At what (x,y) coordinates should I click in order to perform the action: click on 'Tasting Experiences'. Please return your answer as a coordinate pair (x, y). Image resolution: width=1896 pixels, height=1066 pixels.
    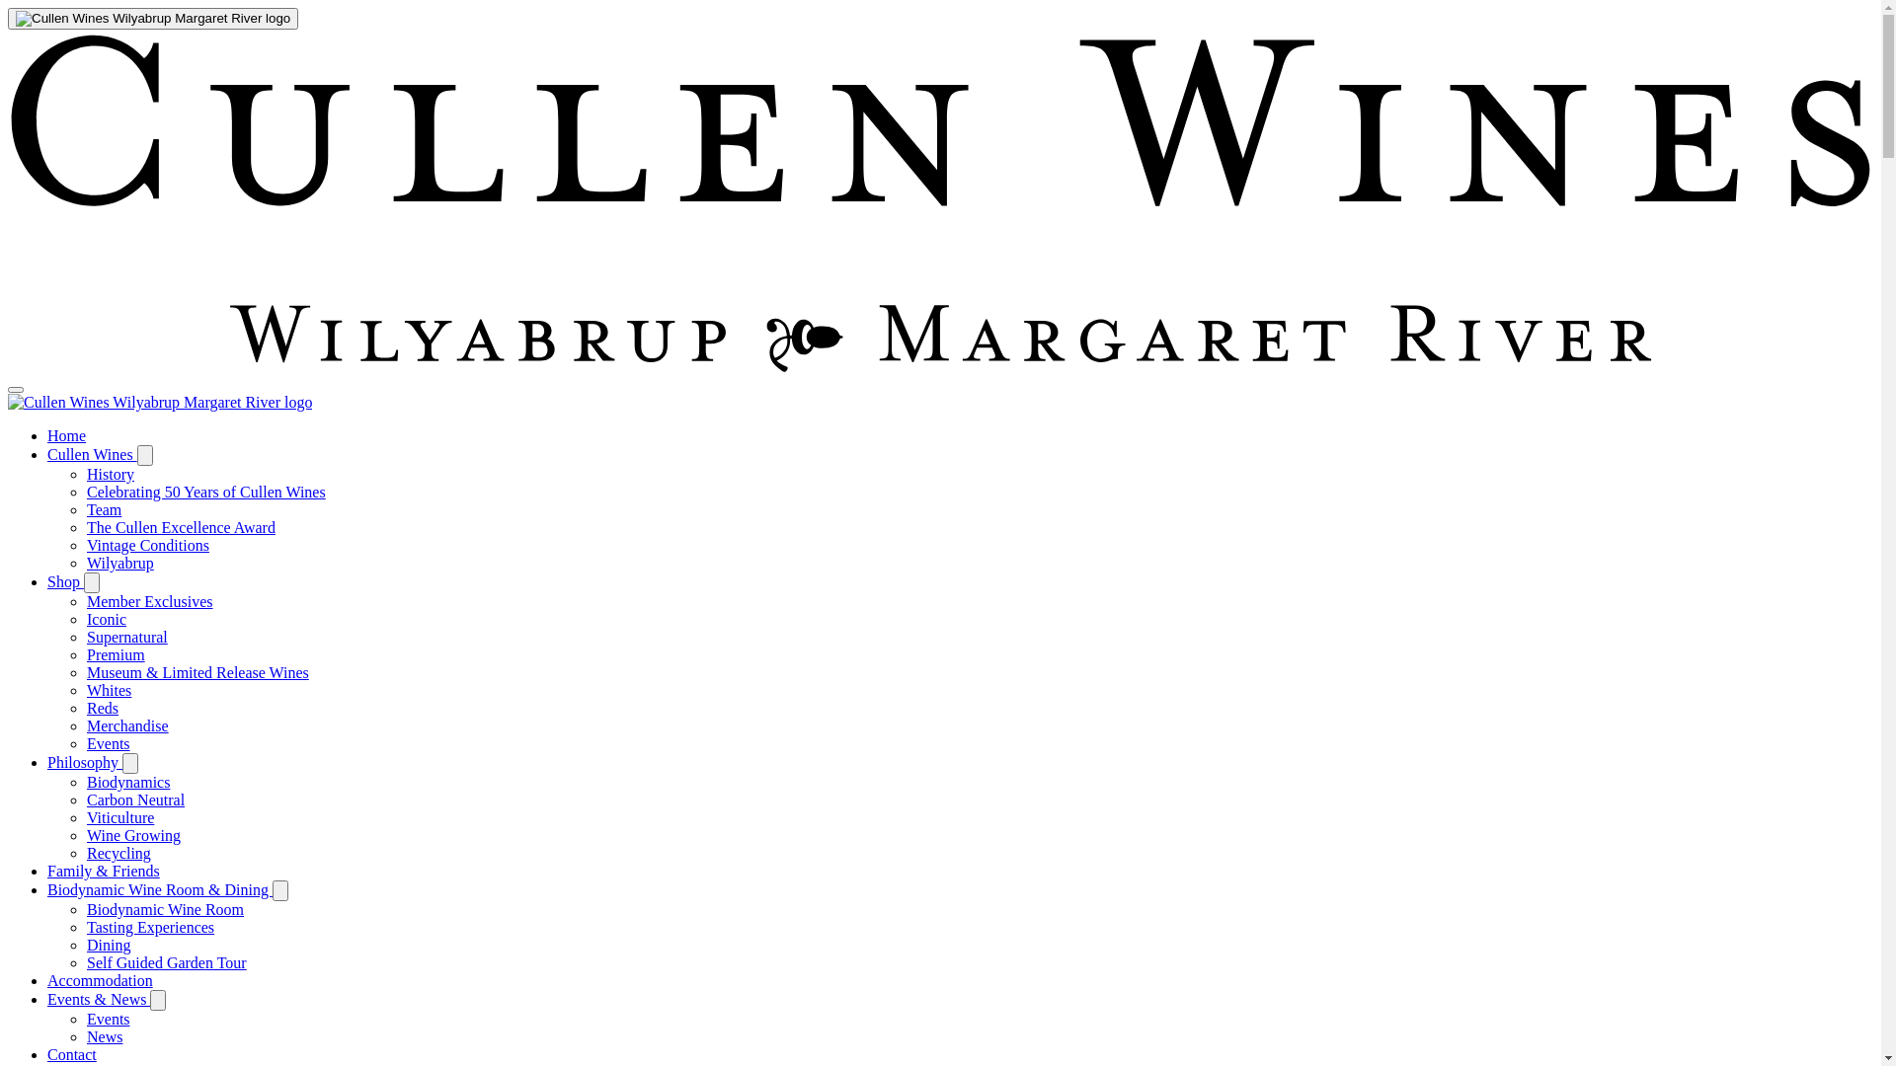
    Looking at the image, I should click on (85, 927).